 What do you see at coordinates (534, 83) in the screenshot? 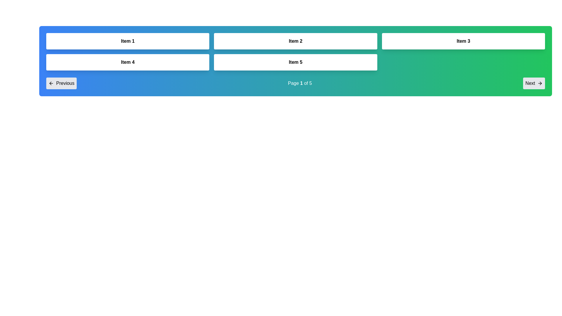
I see `the 'Next' button with rounded corners and a light gray background` at bounding box center [534, 83].